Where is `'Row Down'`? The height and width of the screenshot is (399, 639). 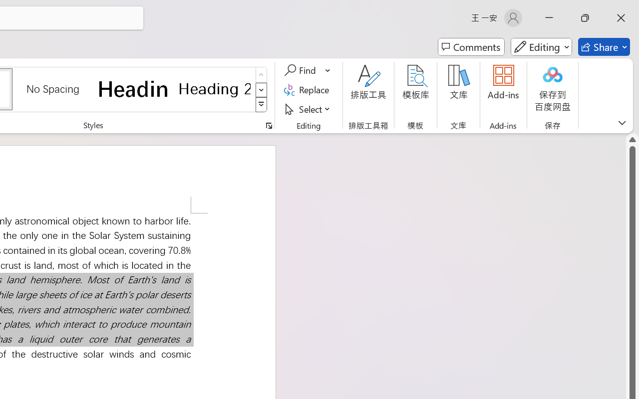 'Row Down' is located at coordinates (261, 89).